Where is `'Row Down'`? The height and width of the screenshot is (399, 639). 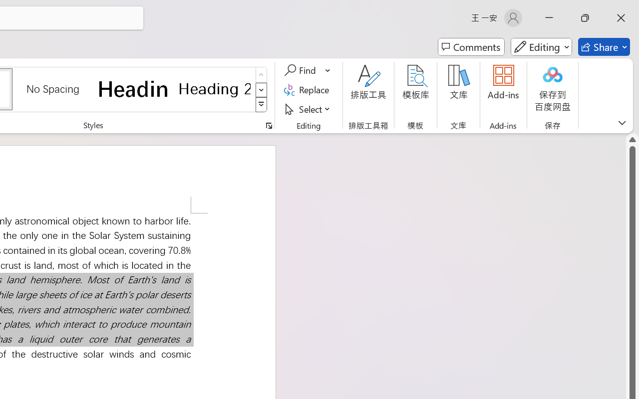 'Row Down' is located at coordinates (261, 89).